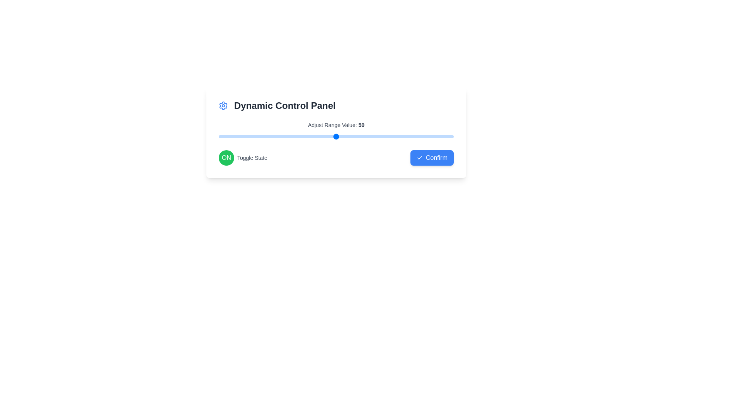 The image size is (742, 417). I want to click on the slider value, so click(347, 136).